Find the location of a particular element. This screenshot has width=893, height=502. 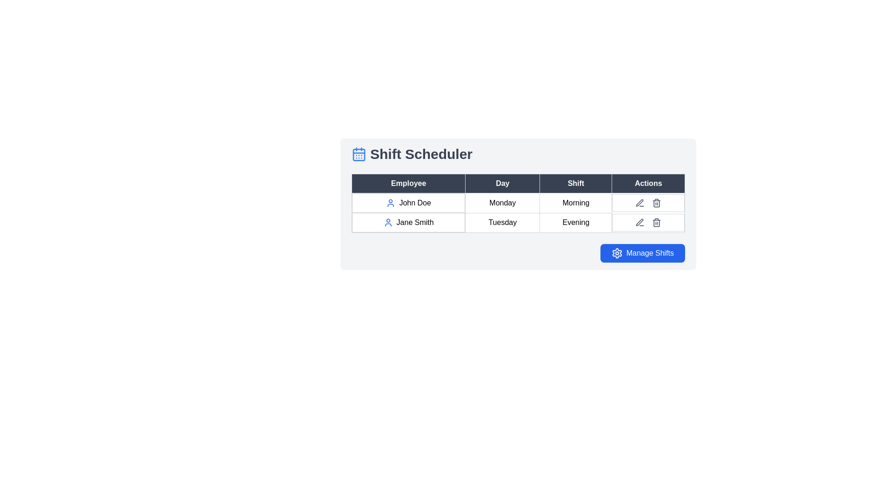

the user icon represented by a minimalist human silhouette in vibrant blue color, located in the first row of the table to the left of the 'John Doe' text in the 'Employee' column is located at coordinates (391, 202).